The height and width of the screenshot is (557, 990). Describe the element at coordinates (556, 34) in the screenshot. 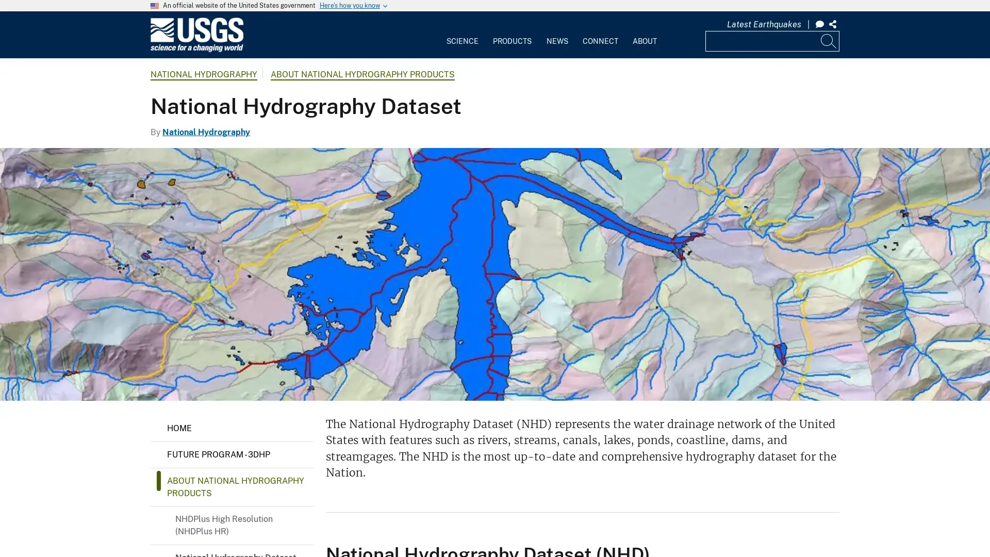

I see `NEWS` at that location.